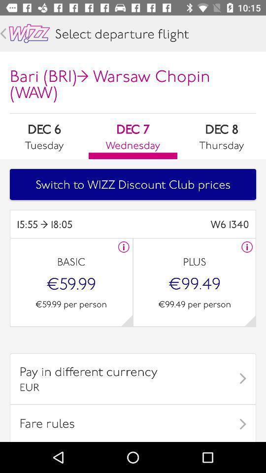 Image resolution: width=266 pixels, height=473 pixels. Describe the element at coordinates (246, 246) in the screenshot. I see `more info` at that location.